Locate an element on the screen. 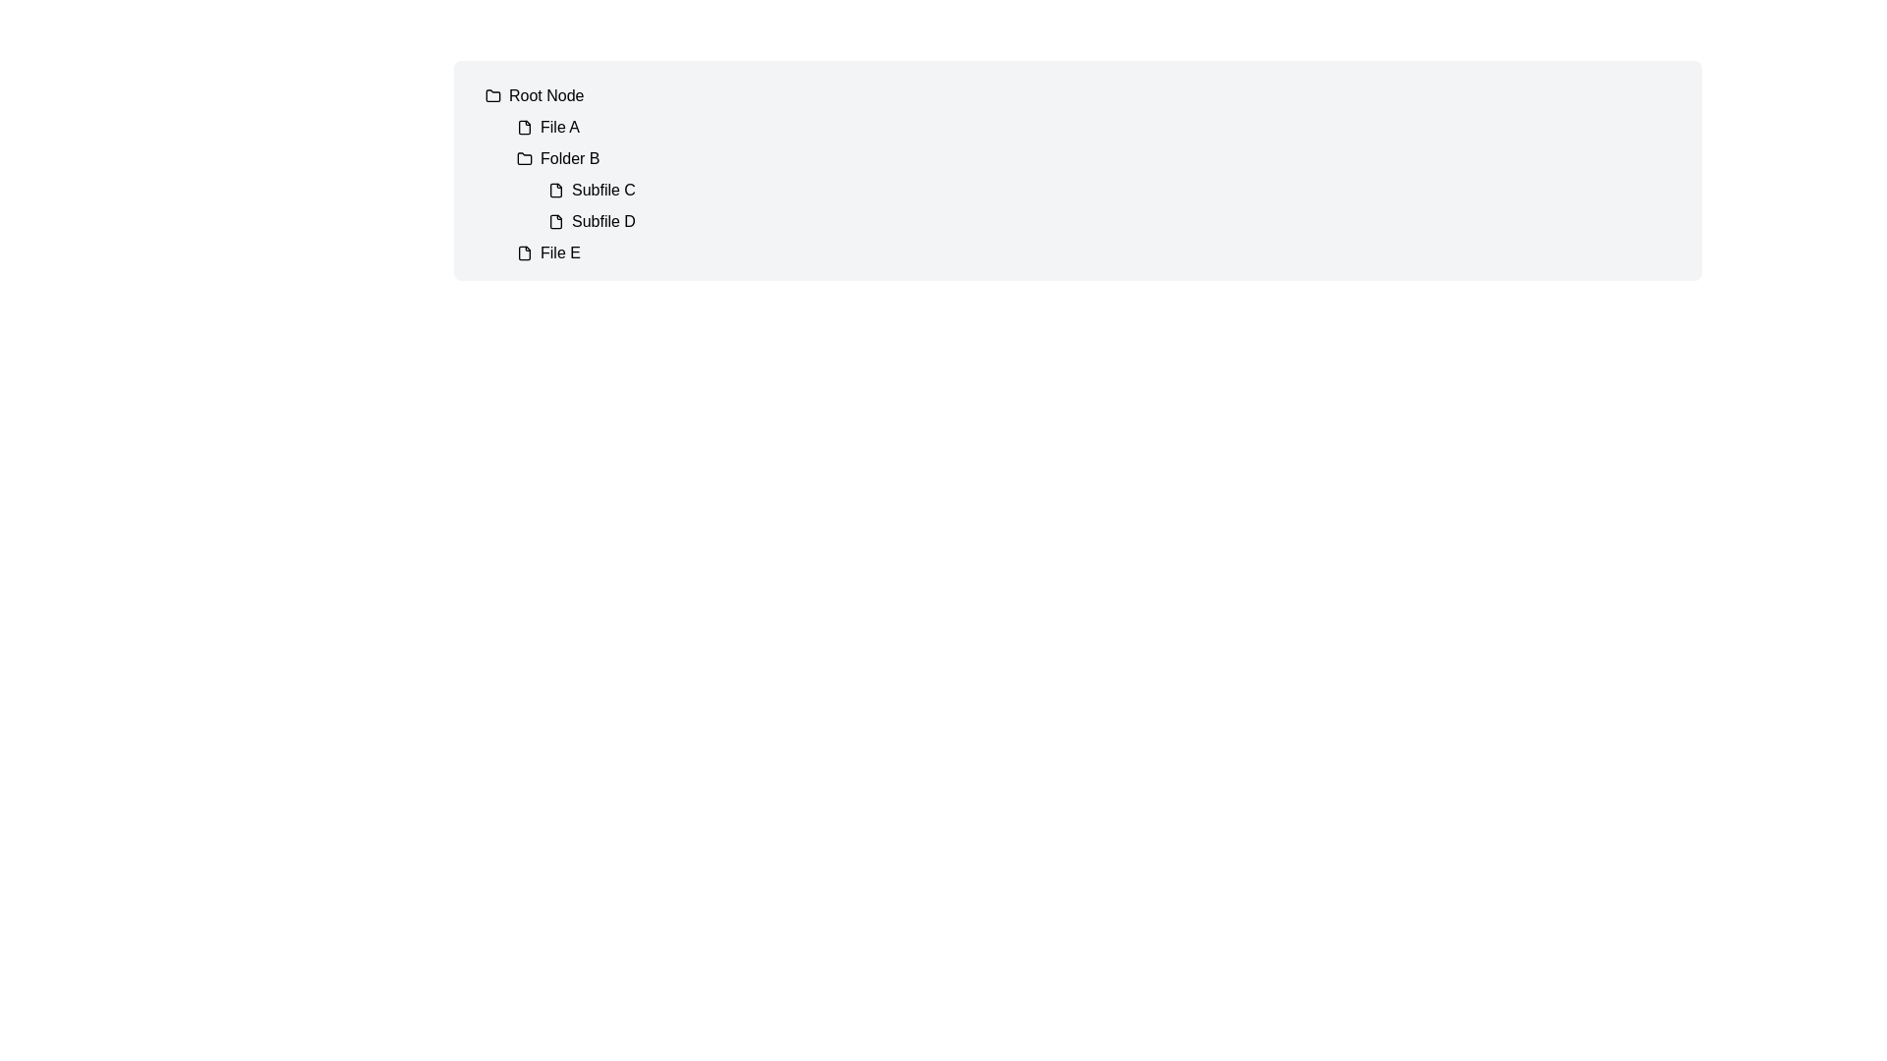 This screenshot has width=1887, height=1061. the text label representing the file named 'File E' in the file tree structure under 'Root Node', positioned below 'Folder B' and at the same level as 'File A' is located at coordinates (559, 252).